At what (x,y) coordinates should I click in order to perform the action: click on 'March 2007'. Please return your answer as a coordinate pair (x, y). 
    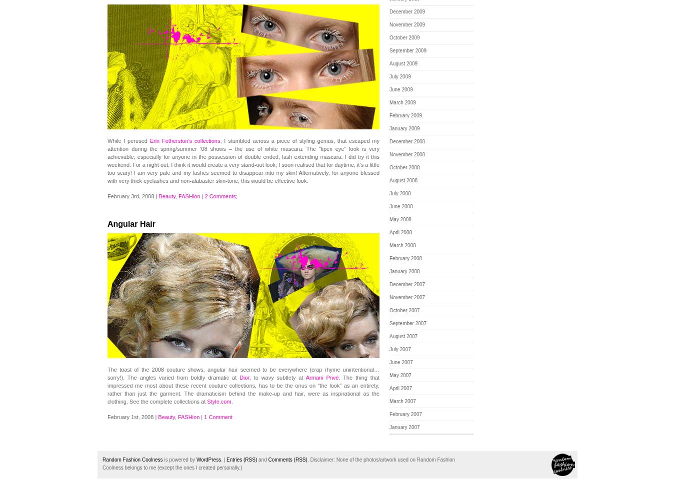
    Looking at the image, I should click on (402, 401).